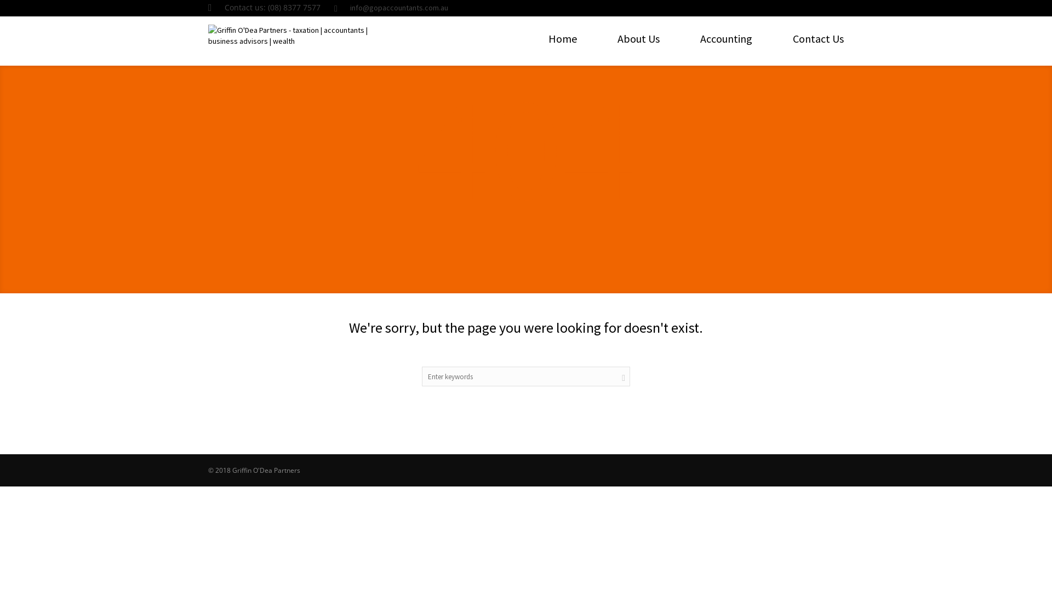 This screenshot has height=591, width=1052. I want to click on 'Home', so click(563, 38).